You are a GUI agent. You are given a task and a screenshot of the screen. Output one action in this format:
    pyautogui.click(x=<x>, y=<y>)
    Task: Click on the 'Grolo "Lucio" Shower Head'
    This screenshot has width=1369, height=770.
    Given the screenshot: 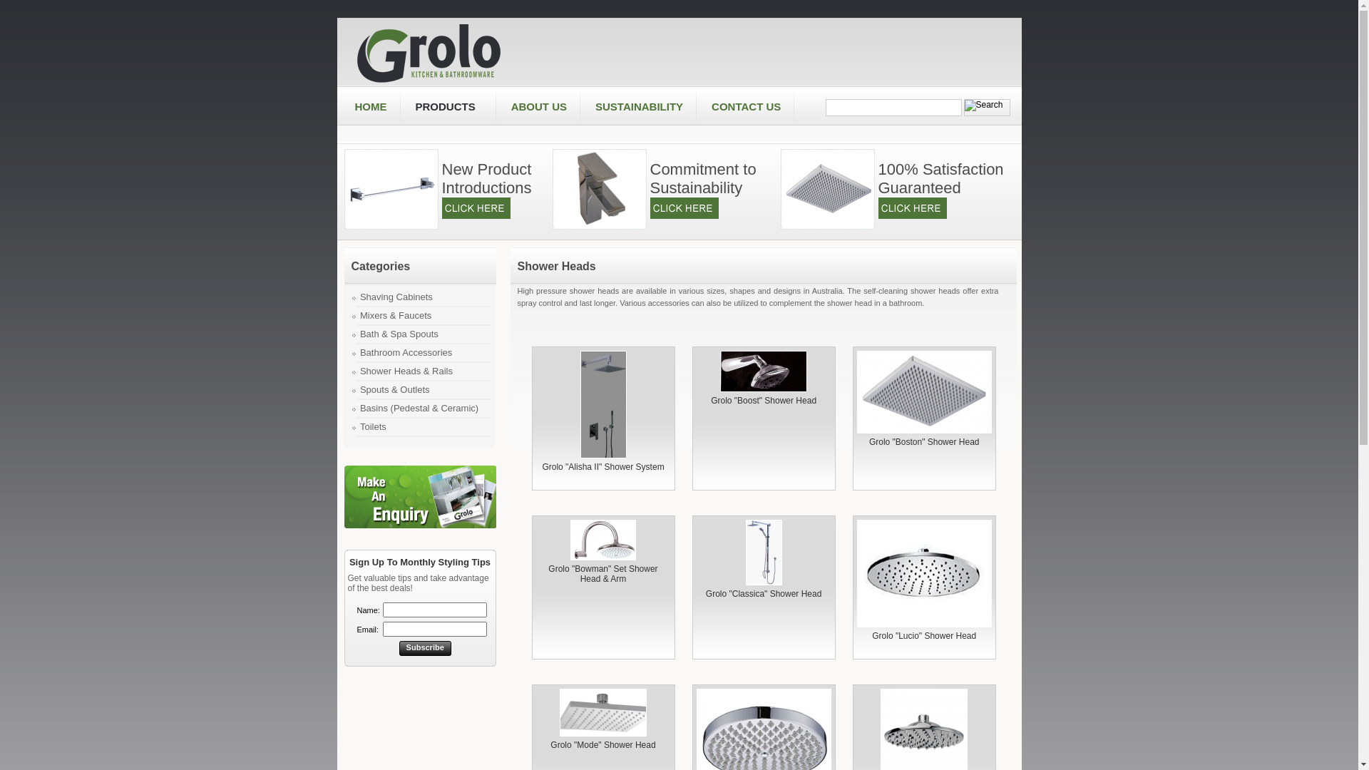 What is the action you would take?
    pyautogui.click(x=924, y=635)
    